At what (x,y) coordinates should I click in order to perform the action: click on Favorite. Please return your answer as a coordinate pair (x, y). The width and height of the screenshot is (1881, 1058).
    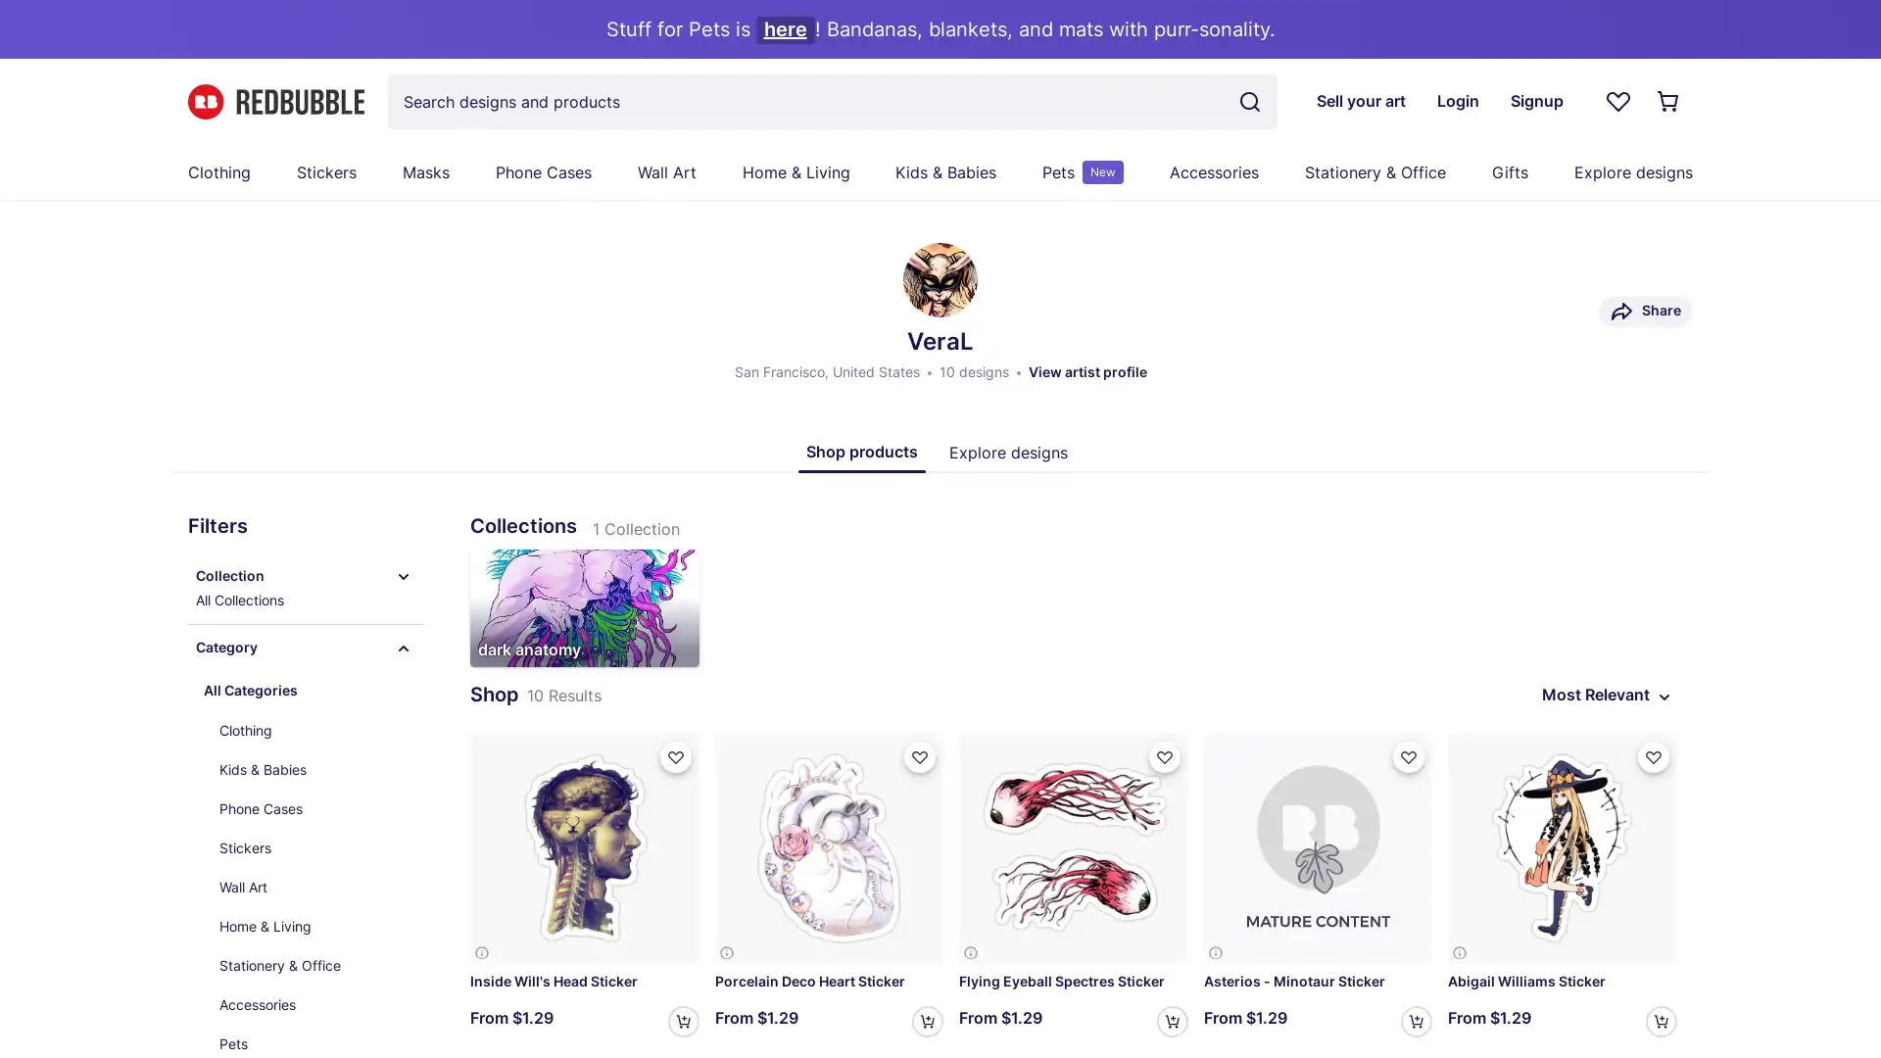
    Looking at the image, I should click on (1653, 755).